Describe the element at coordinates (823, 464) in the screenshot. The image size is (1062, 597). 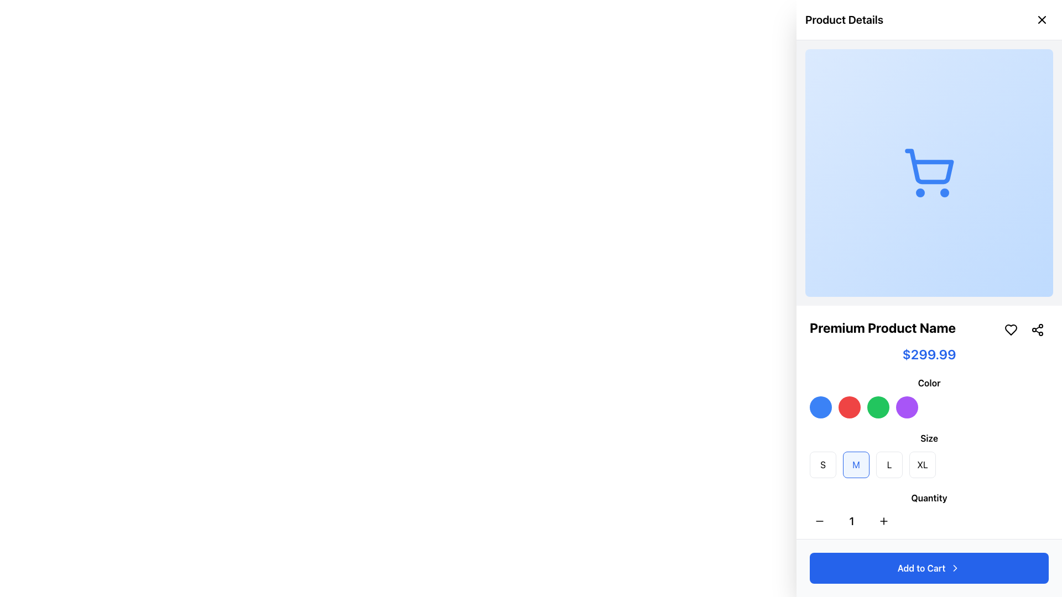
I see `the 'S' button` at that location.